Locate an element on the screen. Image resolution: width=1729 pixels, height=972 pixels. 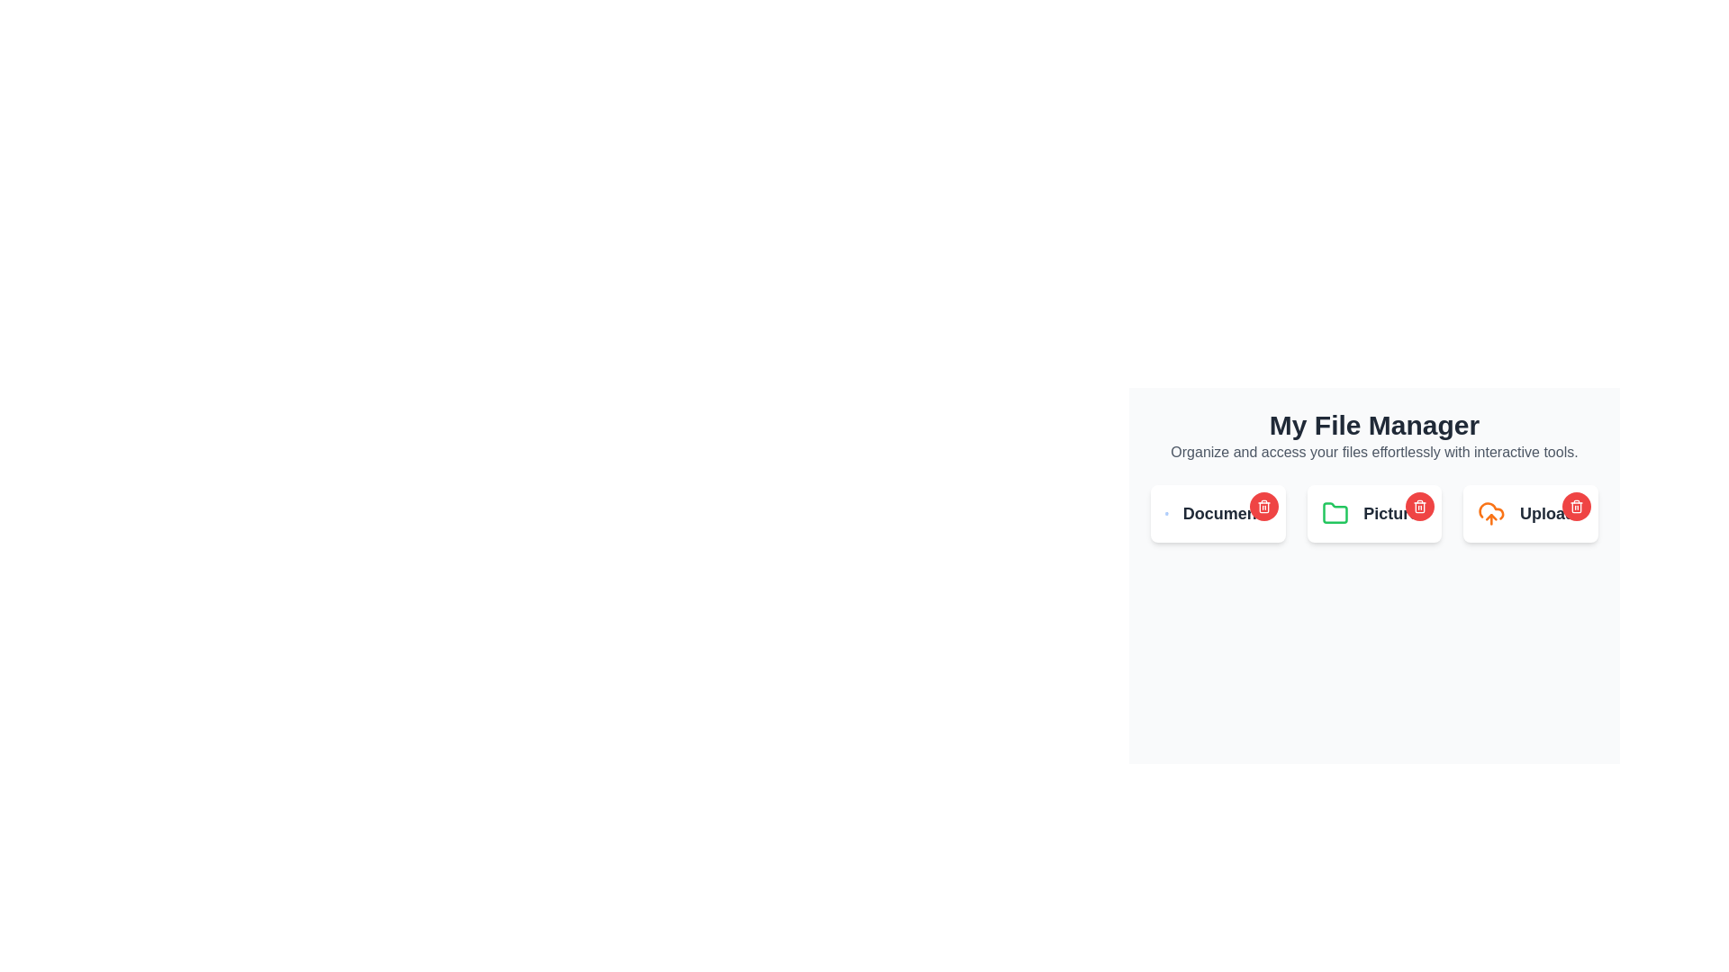
the text label 'Uploads' styled in bold and large gray font for reading is located at coordinates (1551, 513).